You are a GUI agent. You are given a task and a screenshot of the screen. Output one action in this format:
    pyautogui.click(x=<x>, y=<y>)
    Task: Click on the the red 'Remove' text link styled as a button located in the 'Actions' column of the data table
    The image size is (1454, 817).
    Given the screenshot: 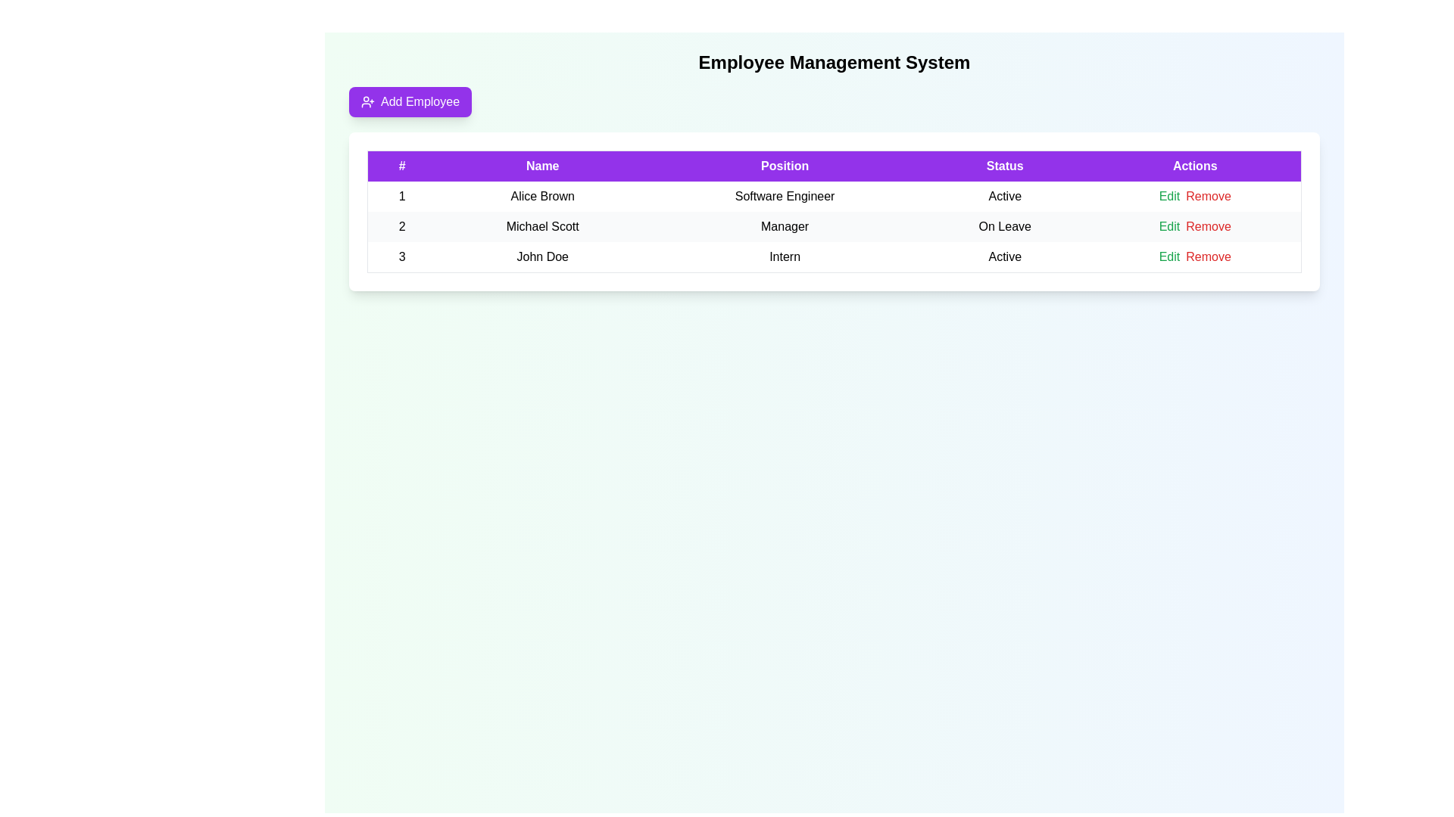 What is the action you would take?
    pyautogui.click(x=1208, y=227)
    